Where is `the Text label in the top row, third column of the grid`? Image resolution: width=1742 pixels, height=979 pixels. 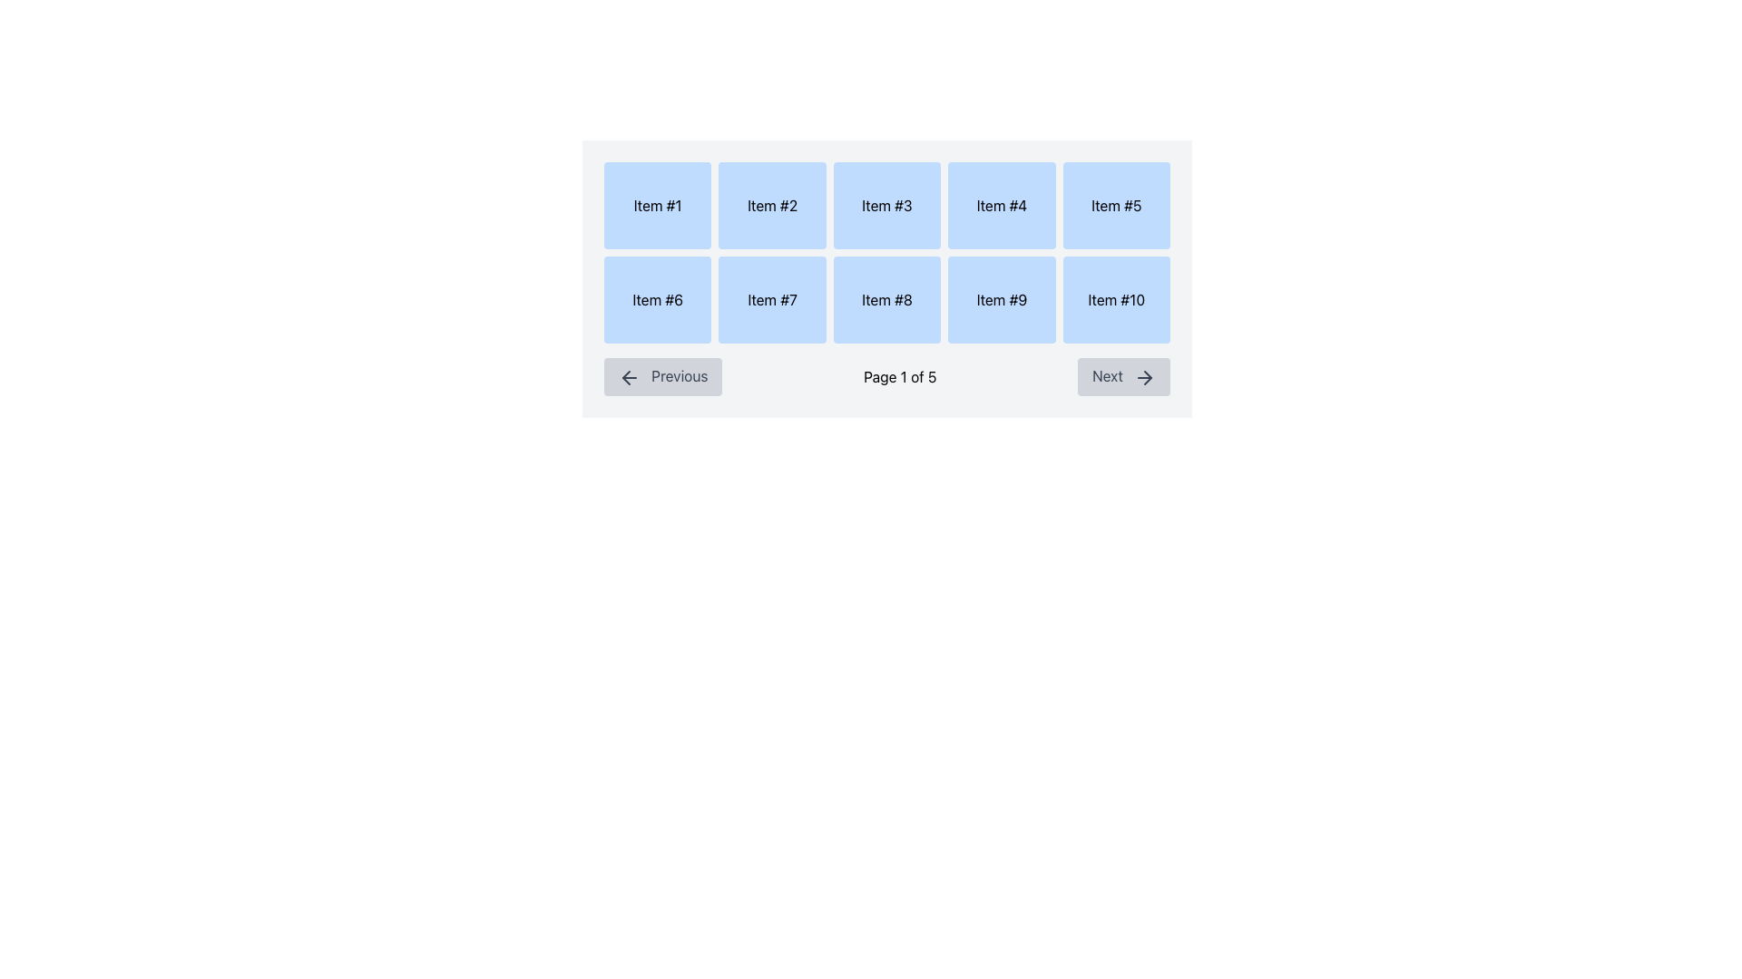 the Text label in the top row, third column of the grid is located at coordinates (887, 205).